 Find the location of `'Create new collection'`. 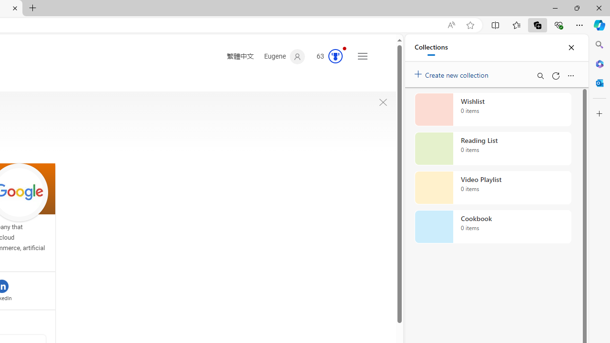

'Create new collection' is located at coordinates (453, 72).